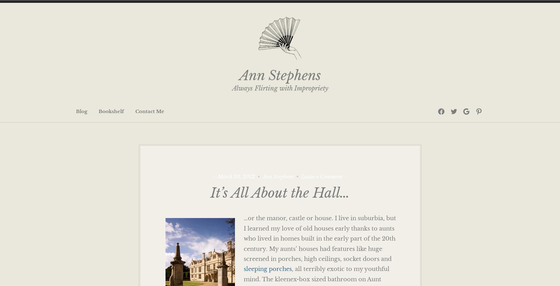 The width and height of the screenshot is (560, 286). I want to click on 'Always Flirting with Impropriety', so click(231, 88).